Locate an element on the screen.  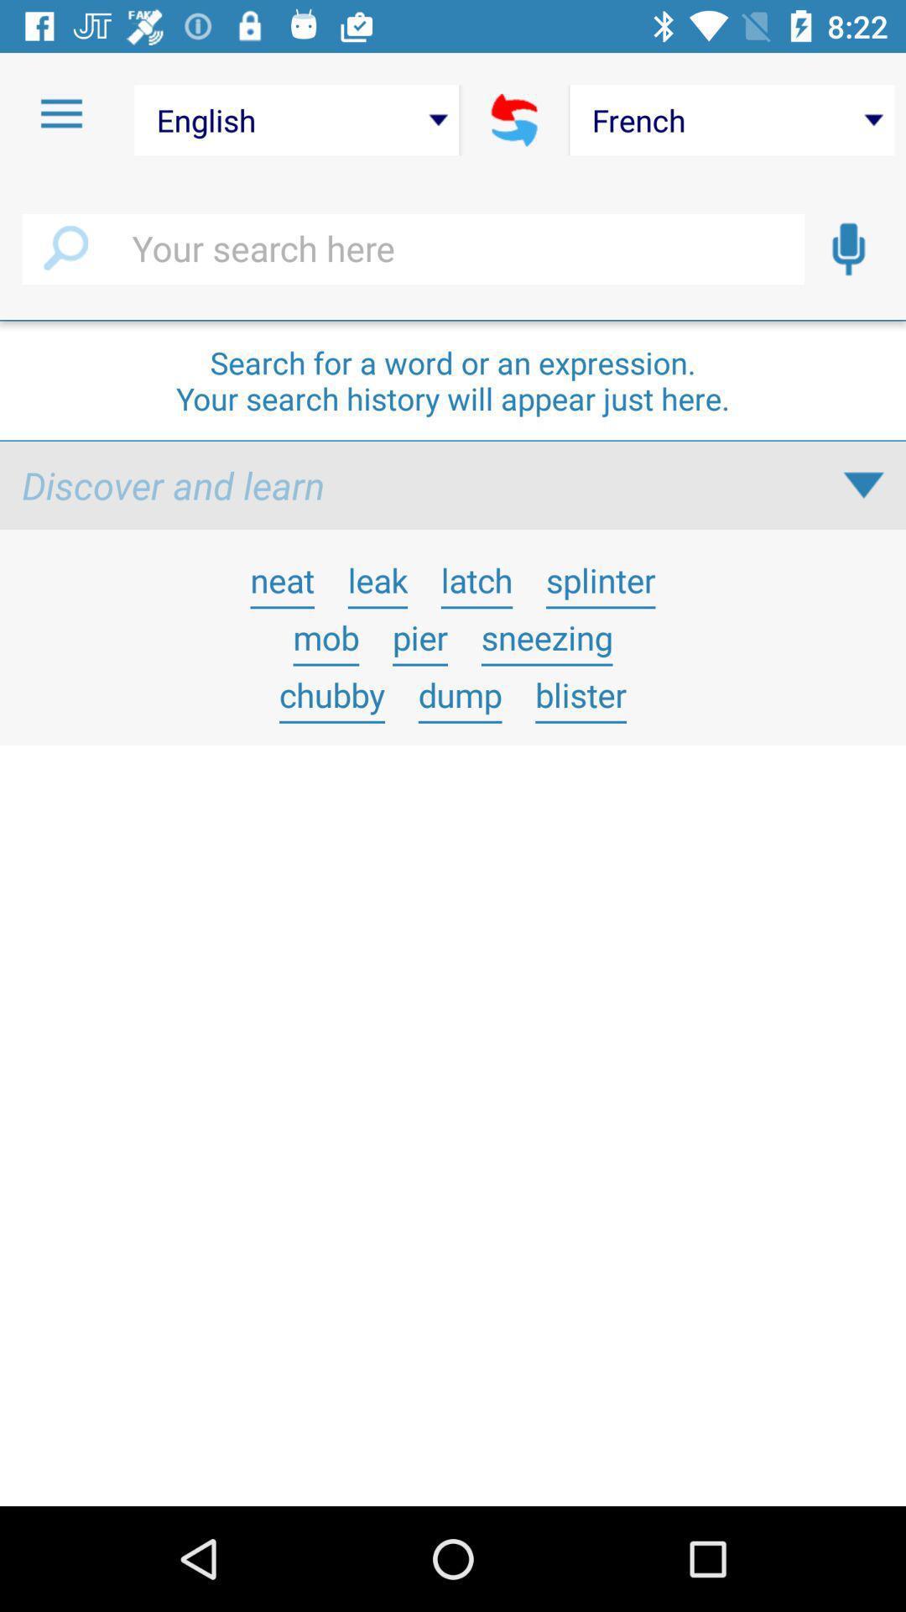
search field is located at coordinates (413, 249).